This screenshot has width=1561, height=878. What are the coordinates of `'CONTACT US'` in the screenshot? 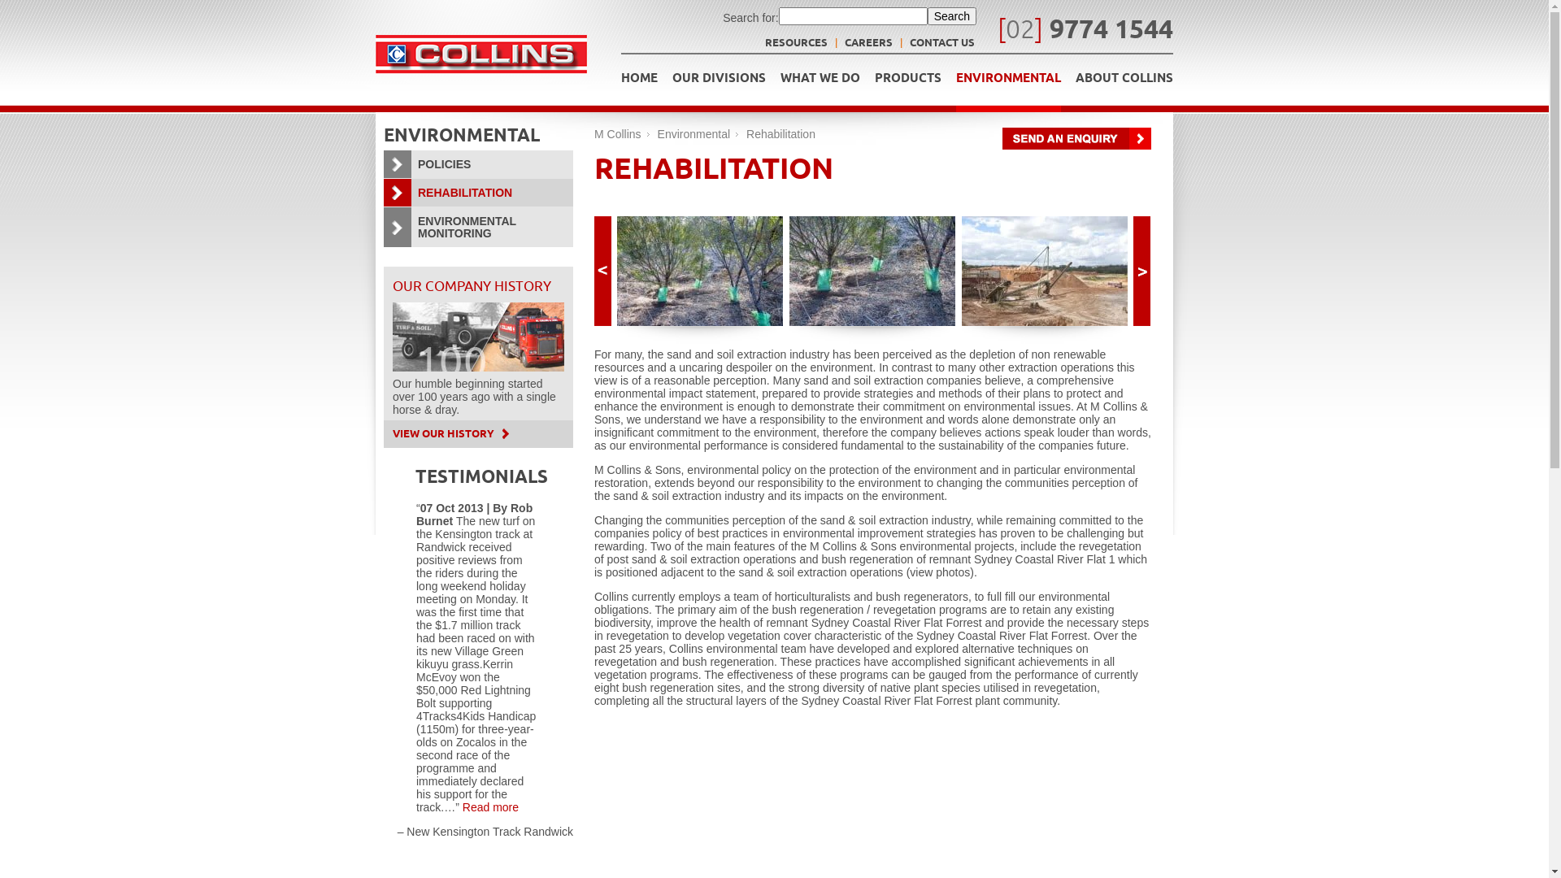 It's located at (941, 43).